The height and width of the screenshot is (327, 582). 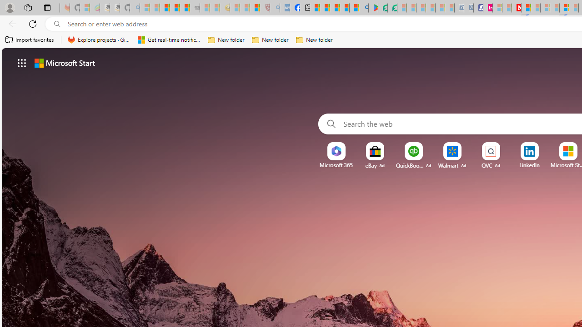 What do you see at coordinates (529, 165) in the screenshot?
I see `'LinkedIn'` at bounding box center [529, 165].